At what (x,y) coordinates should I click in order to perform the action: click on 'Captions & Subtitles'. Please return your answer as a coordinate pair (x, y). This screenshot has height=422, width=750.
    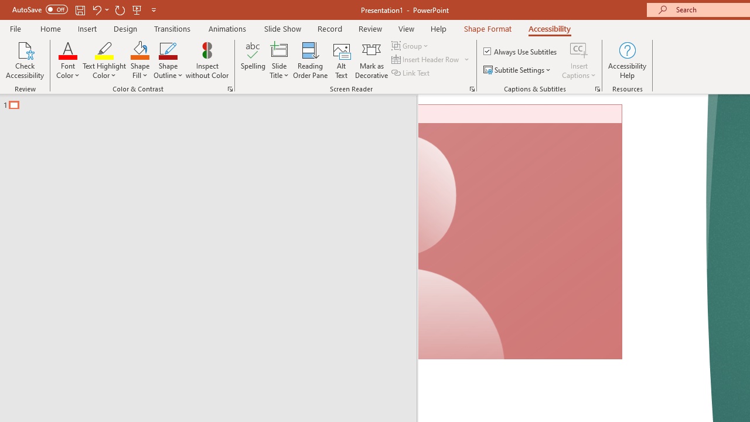
    Looking at the image, I should click on (598, 88).